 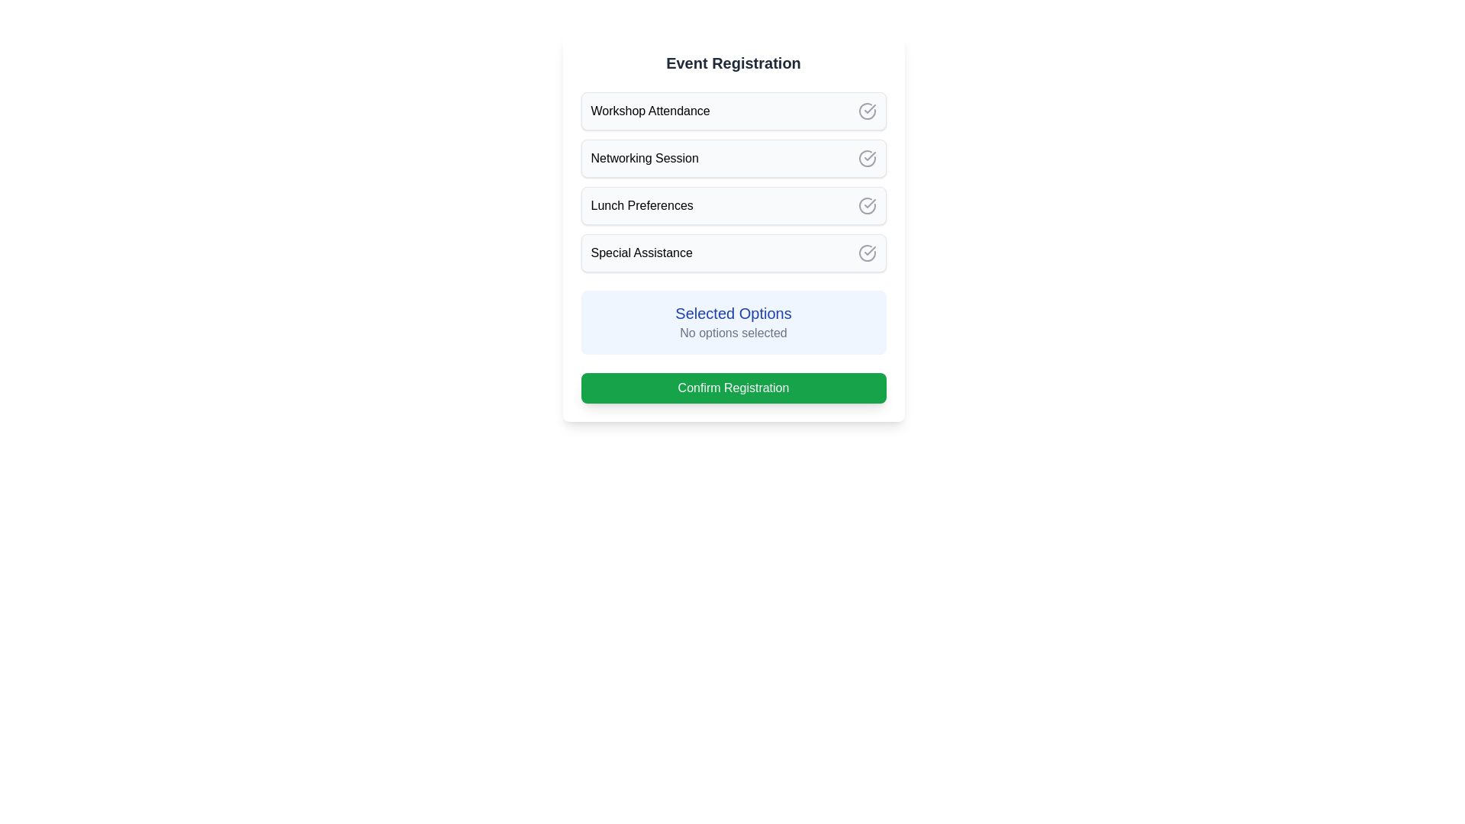 I want to click on the 'Event Registration' text label, which is styled with bold and large font size and located at the top of the card-like layout, so click(x=733, y=63).